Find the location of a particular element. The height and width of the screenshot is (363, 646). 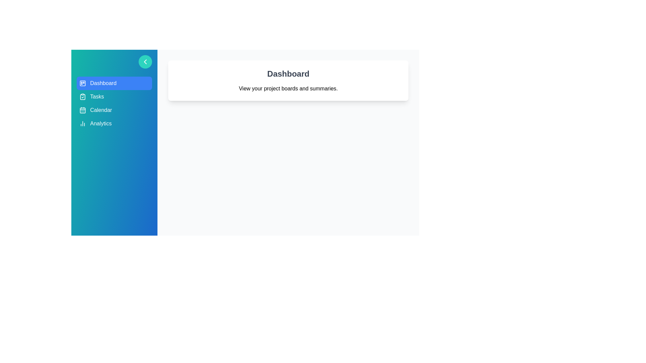

the 'Analytics' label in the vertical navigation menu is located at coordinates (101, 123).